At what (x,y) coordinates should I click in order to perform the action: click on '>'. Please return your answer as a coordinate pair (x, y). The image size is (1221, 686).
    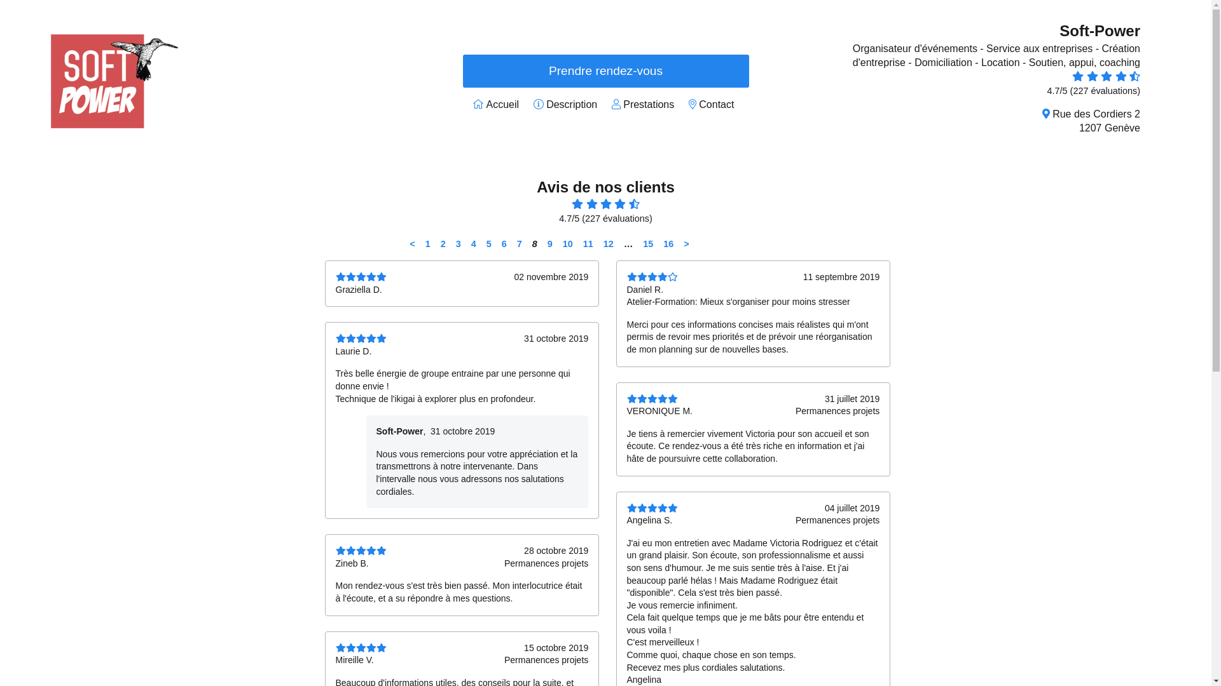
    Looking at the image, I should click on (686, 244).